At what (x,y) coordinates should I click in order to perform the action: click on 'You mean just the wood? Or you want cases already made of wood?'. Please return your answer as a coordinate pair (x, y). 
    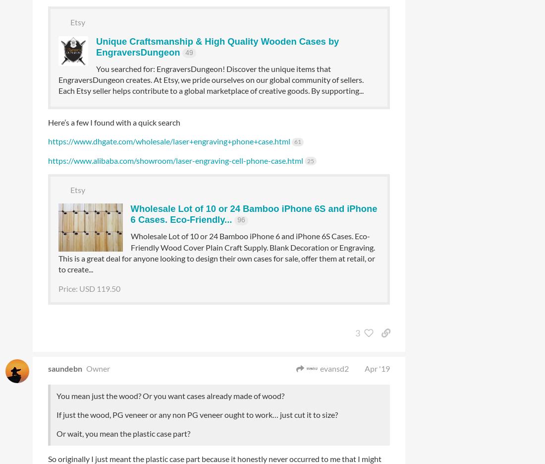
    Looking at the image, I should click on (169, 395).